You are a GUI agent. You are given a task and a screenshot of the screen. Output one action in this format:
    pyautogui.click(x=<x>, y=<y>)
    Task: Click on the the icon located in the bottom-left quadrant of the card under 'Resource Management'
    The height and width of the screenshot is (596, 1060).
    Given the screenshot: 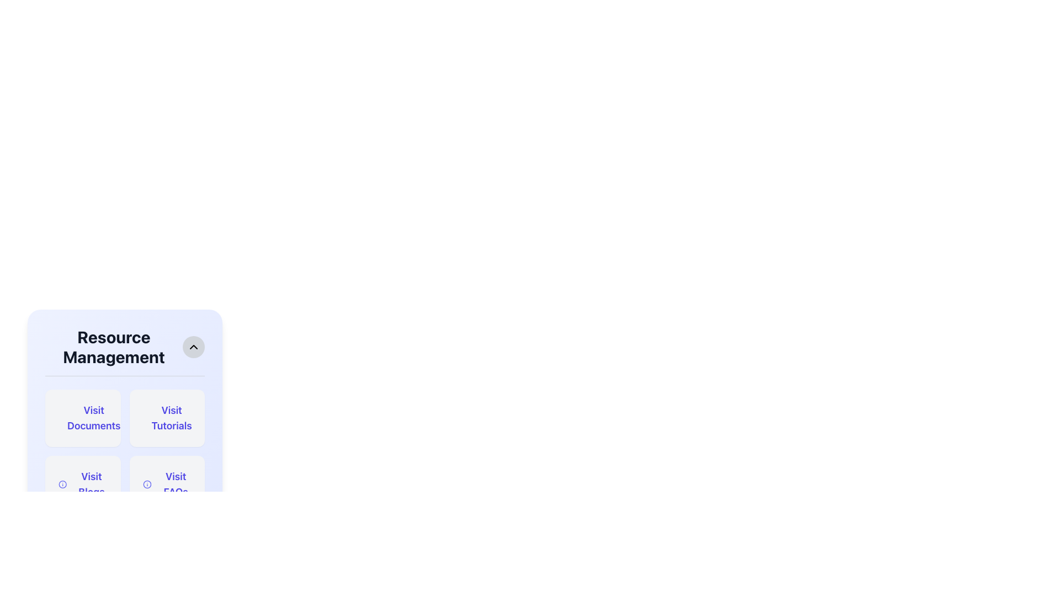 What is the action you would take?
    pyautogui.click(x=62, y=484)
    